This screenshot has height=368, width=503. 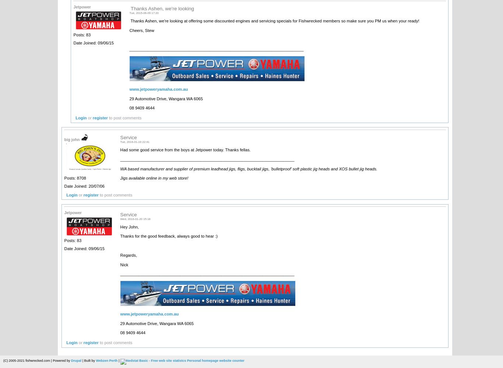 I want to click on 'big john', so click(x=72, y=139).